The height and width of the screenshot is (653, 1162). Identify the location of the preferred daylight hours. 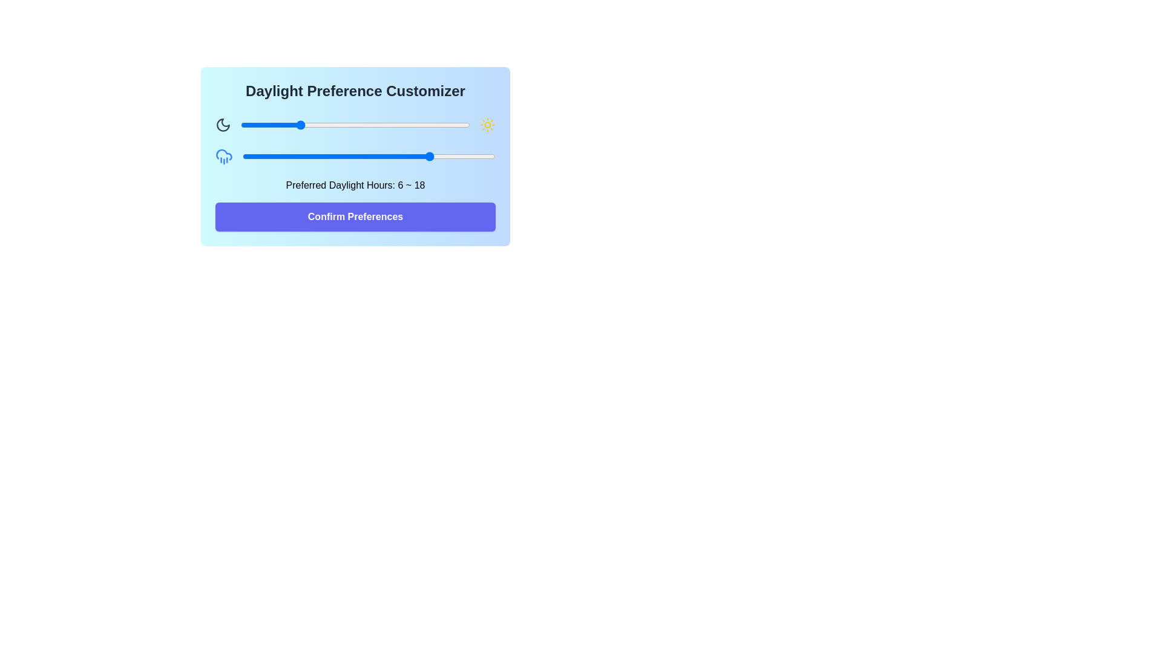
(485, 155).